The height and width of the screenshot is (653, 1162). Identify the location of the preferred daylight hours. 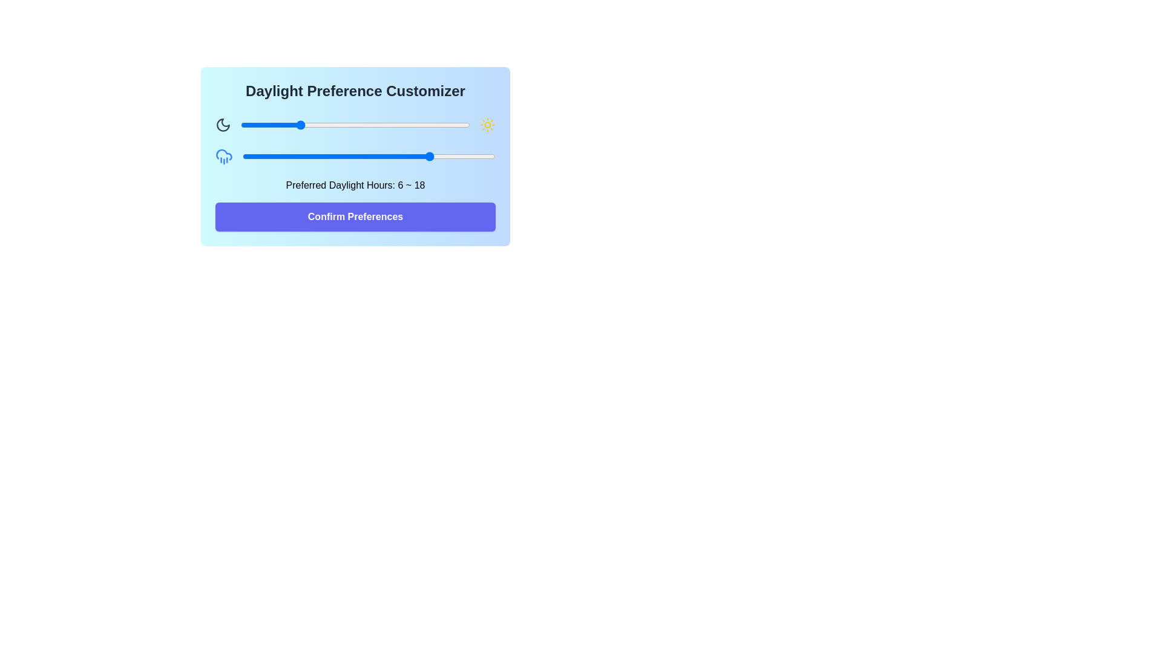
(485, 155).